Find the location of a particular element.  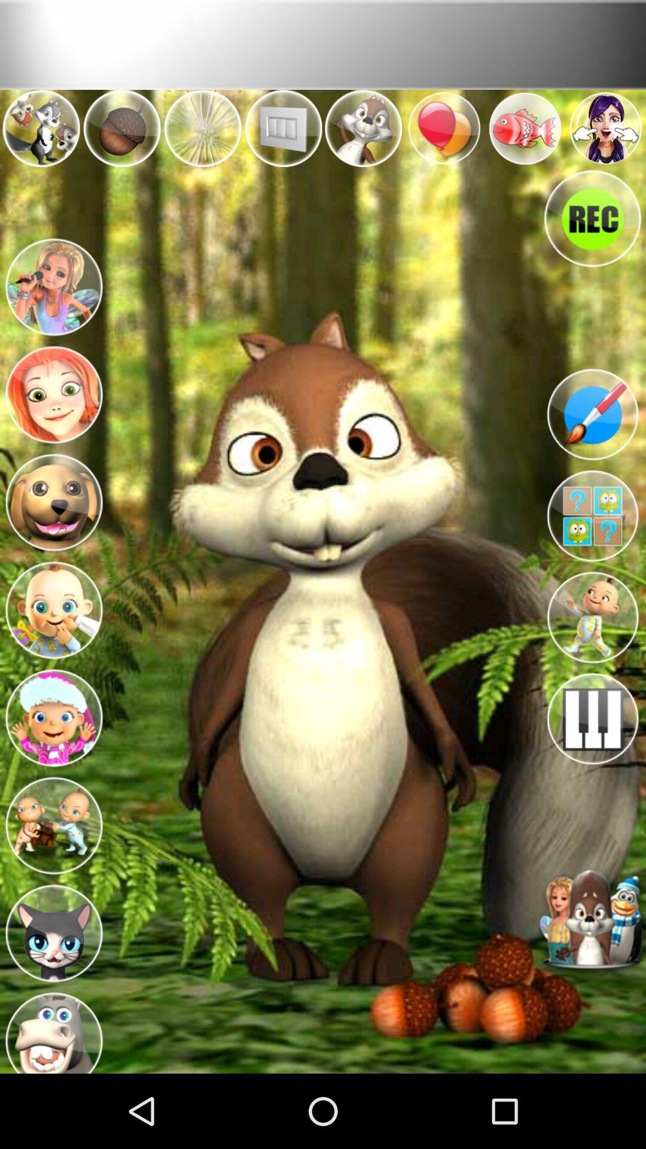

the avatar icon is located at coordinates (53, 764).